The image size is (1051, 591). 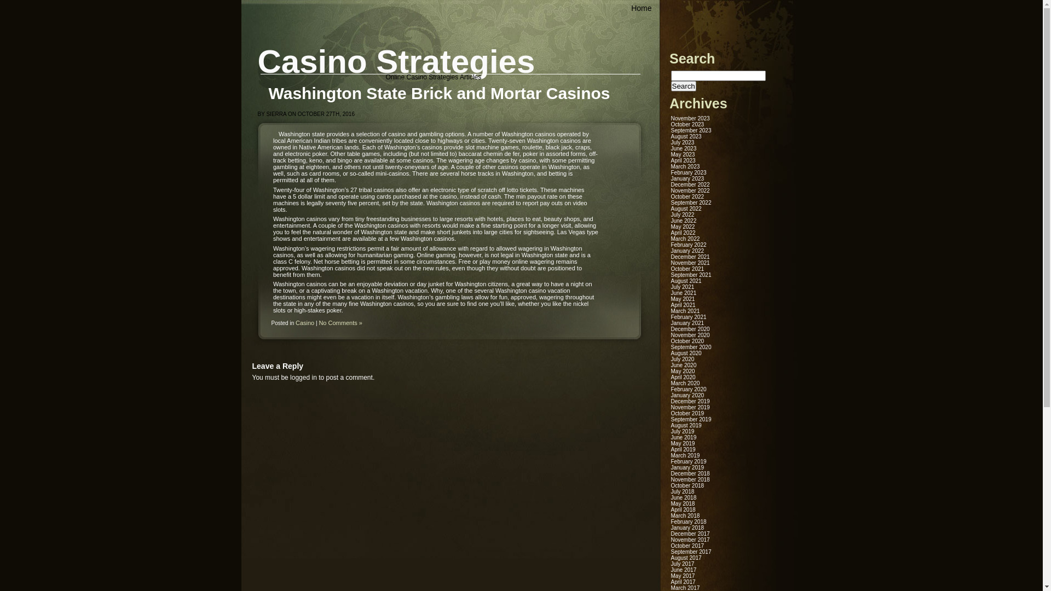 What do you see at coordinates (682, 359) in the screenshot?
I see `'July 2020'` at bounding box center [682, 359].